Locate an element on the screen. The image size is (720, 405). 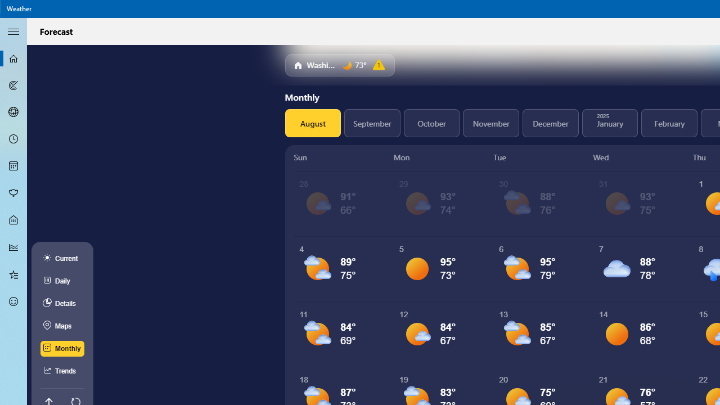
'Hourly Forecast - Not Selected' is located at coordinates (13, 139).